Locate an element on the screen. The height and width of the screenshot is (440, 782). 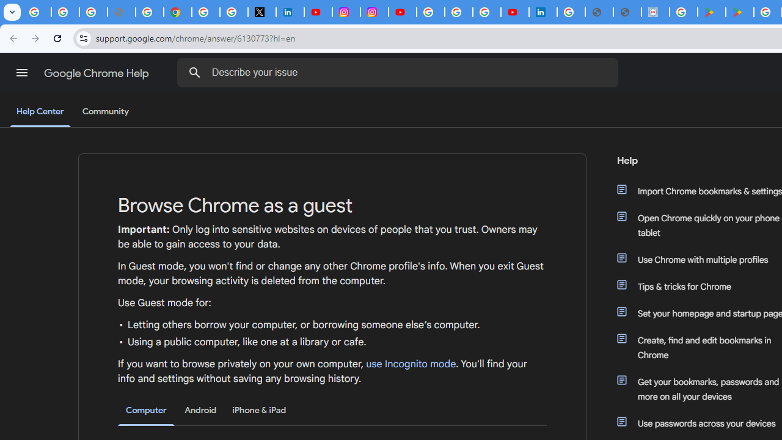
'Community' is located at coordinates (105, 112).